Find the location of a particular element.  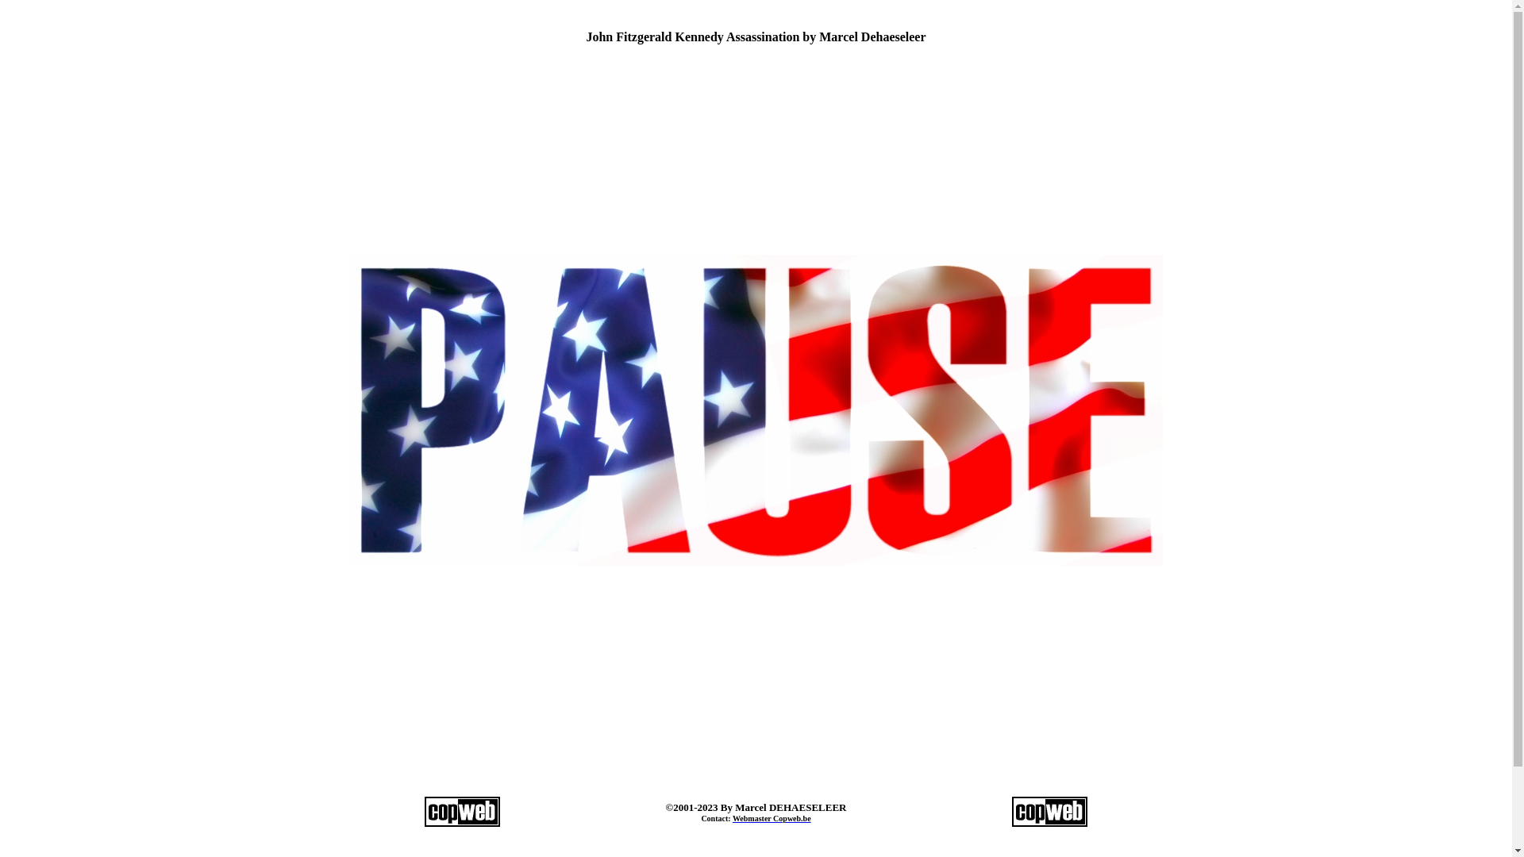

'Webmaster Copweb.be' is located at coordinates (731, 818).